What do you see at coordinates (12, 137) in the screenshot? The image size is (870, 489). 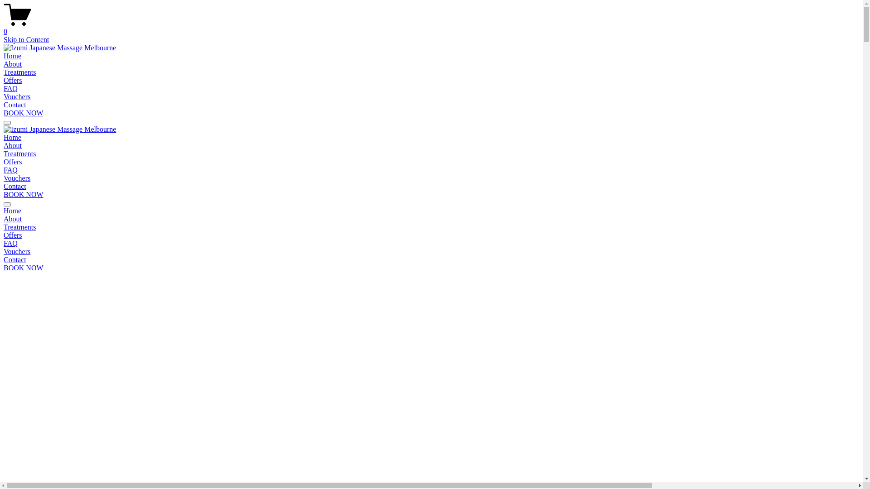 I see `'Home'` at bounding box center [12, 137].